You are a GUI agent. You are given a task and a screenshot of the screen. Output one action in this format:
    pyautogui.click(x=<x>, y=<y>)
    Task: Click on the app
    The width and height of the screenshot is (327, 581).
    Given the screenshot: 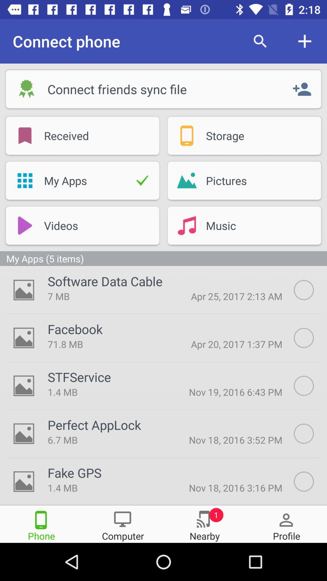 What is the action you would take?
    pyautogui.click(x=310, y=337)
    